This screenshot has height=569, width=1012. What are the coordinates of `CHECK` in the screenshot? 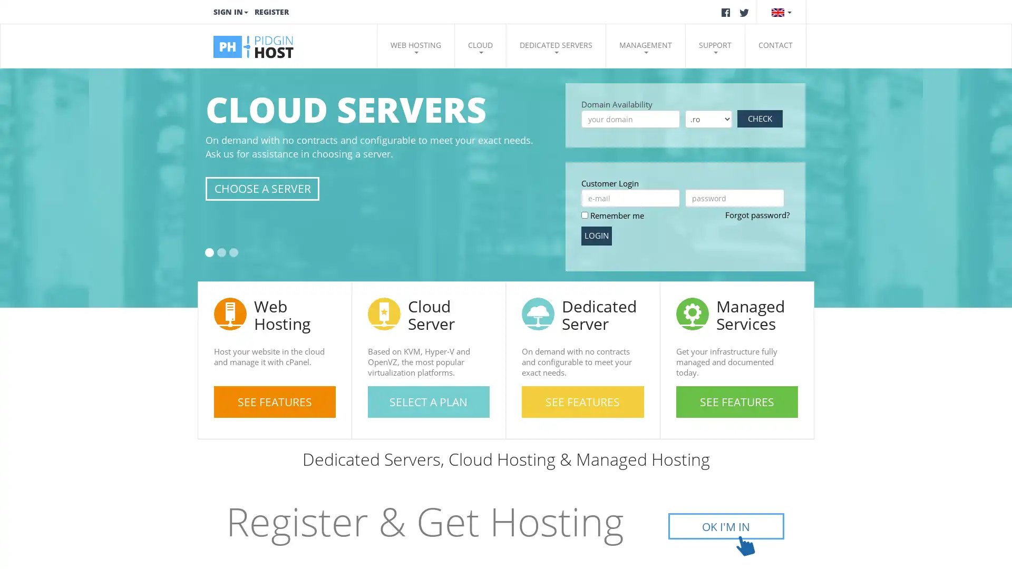 It's located at (760, 119).